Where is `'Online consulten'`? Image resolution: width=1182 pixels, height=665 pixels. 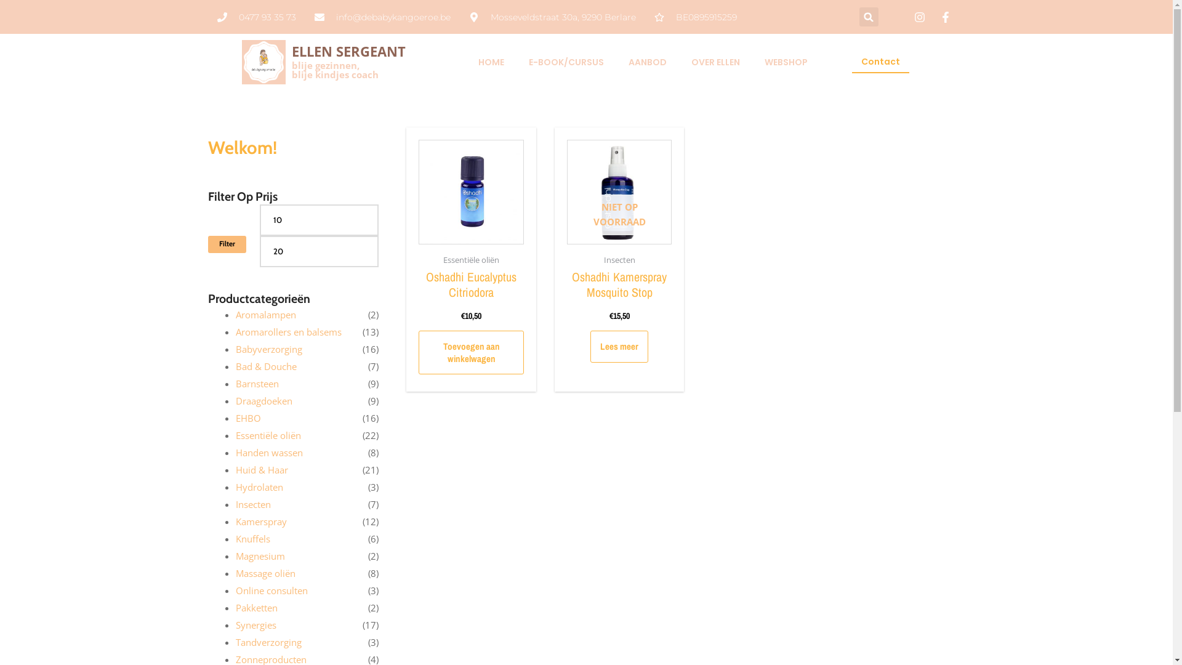 'Online consulten' is located at coordinates (270, 590).